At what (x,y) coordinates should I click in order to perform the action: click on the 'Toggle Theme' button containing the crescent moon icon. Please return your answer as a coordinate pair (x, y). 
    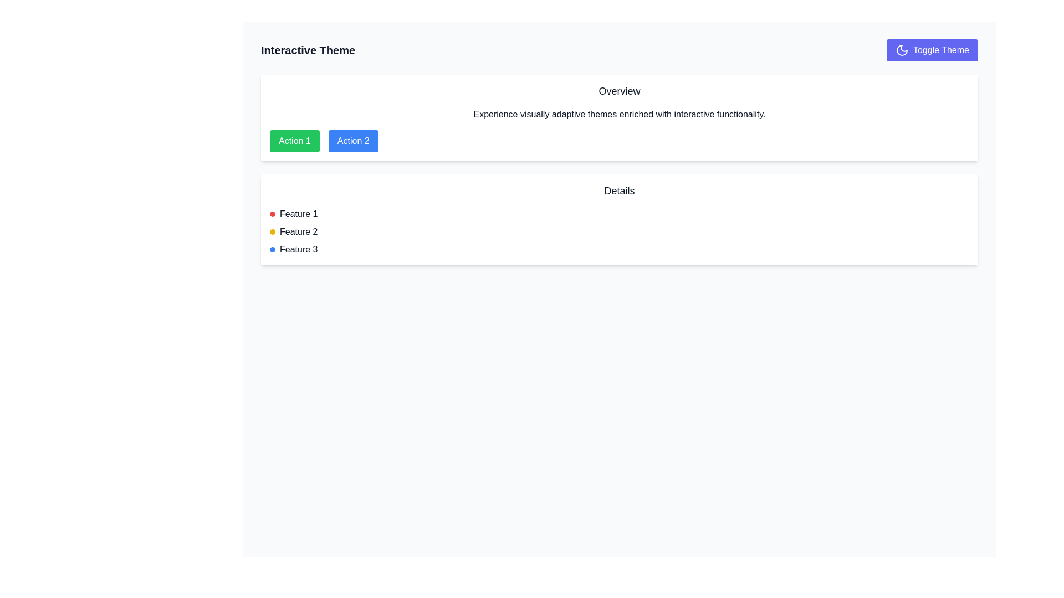
    Looking at the image, I should click on (902, 50).